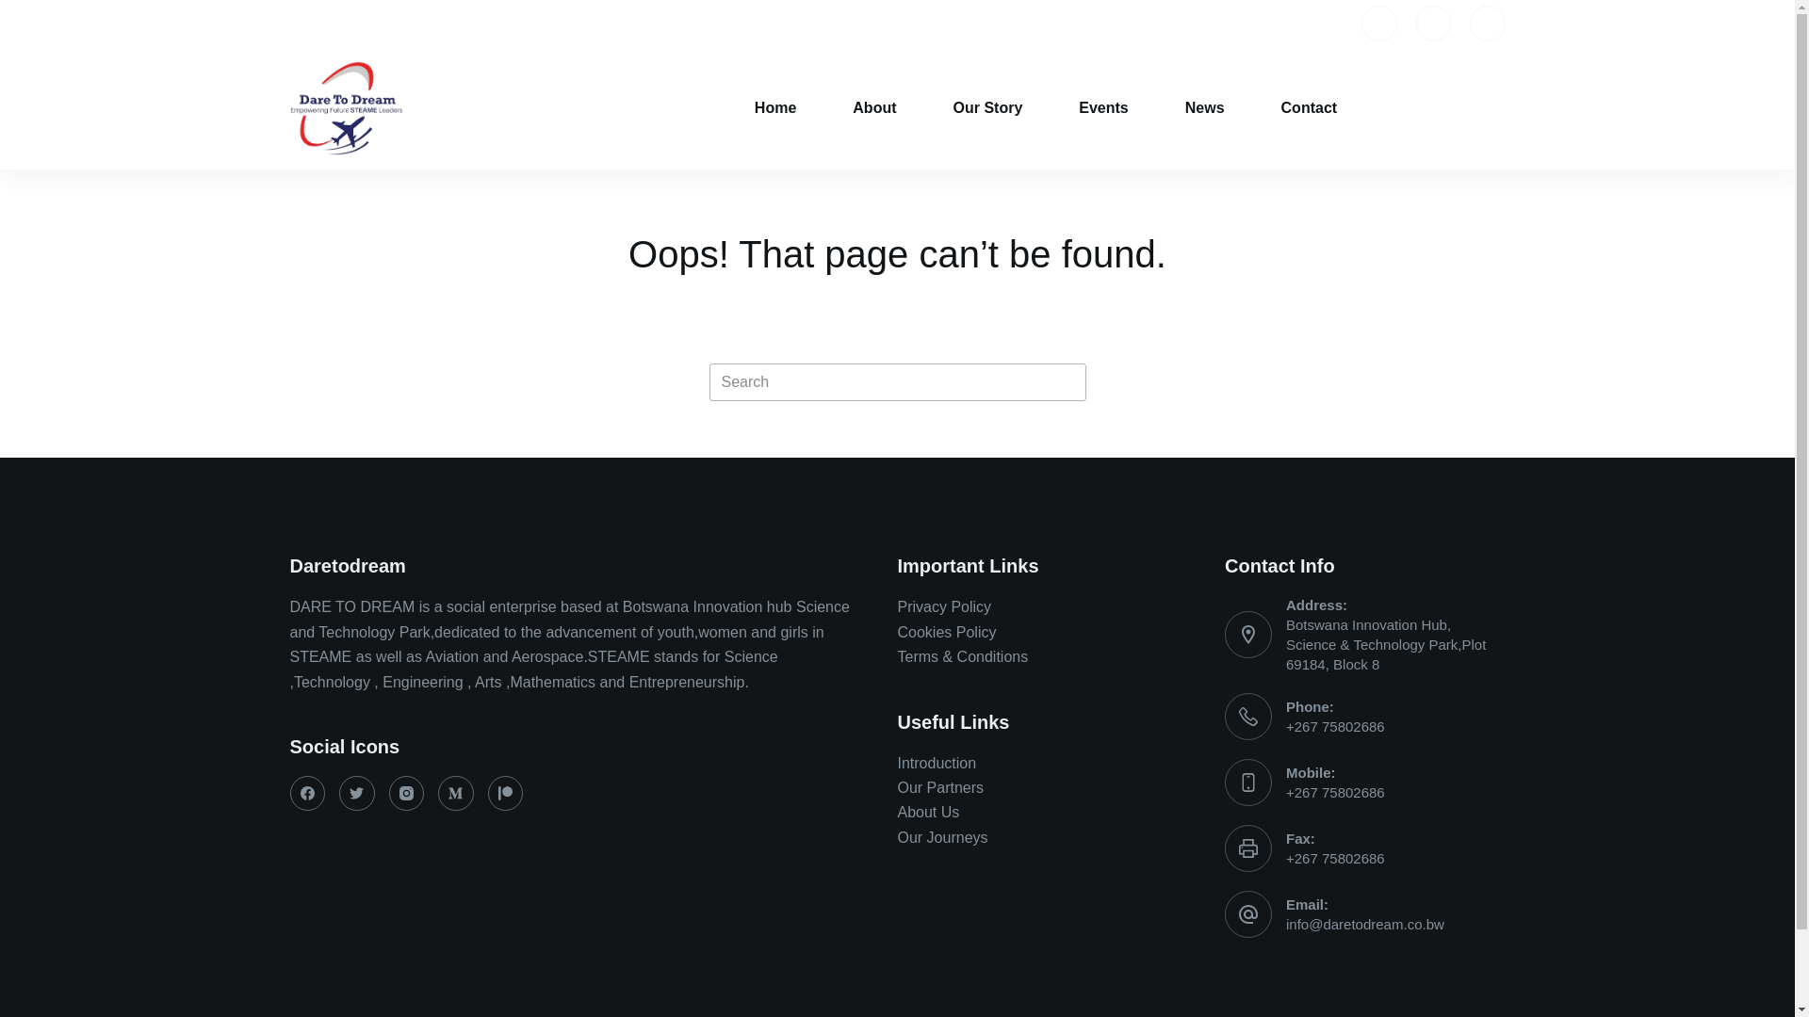  Describe the element at coordinates (1309, 108) in the screenshot. I see `'Contact'` at that location.